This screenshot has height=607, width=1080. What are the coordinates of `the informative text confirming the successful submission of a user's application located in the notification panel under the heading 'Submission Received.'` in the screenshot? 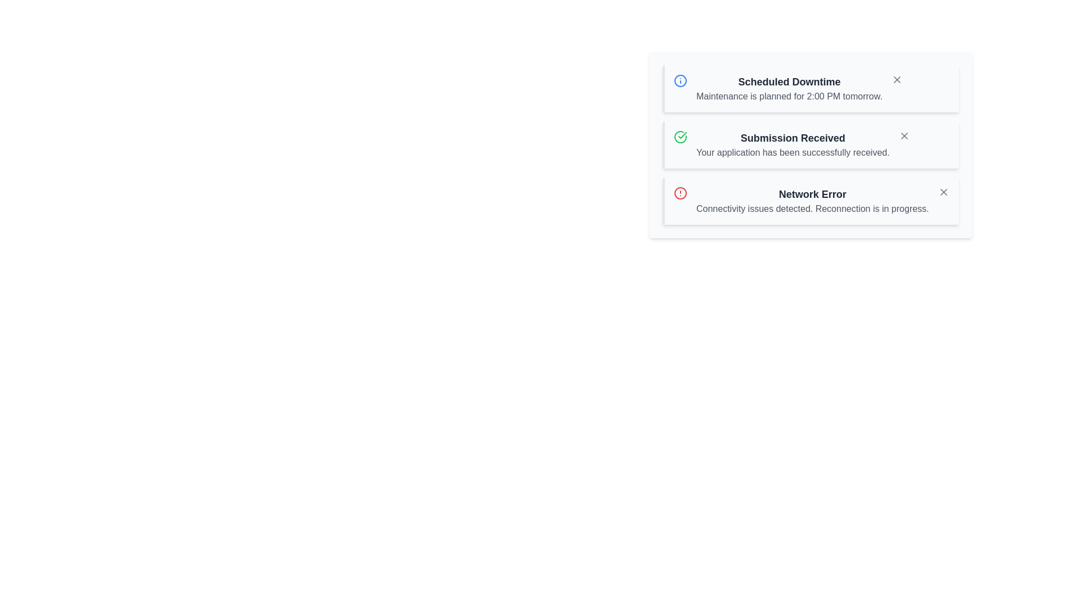 It's located at (792, 153).